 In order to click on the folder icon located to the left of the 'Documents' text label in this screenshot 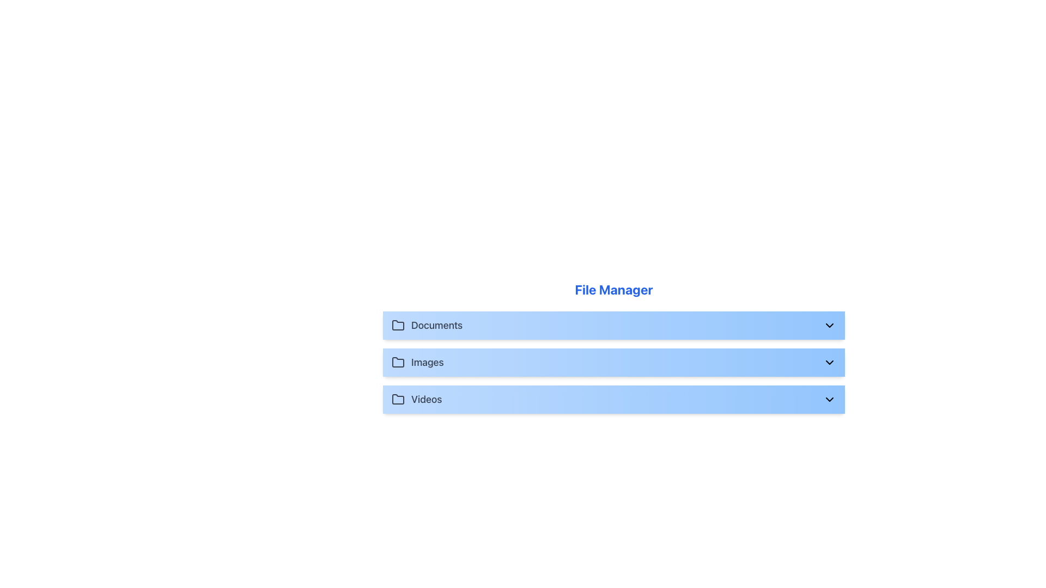, I will do `click(397, 324)`.